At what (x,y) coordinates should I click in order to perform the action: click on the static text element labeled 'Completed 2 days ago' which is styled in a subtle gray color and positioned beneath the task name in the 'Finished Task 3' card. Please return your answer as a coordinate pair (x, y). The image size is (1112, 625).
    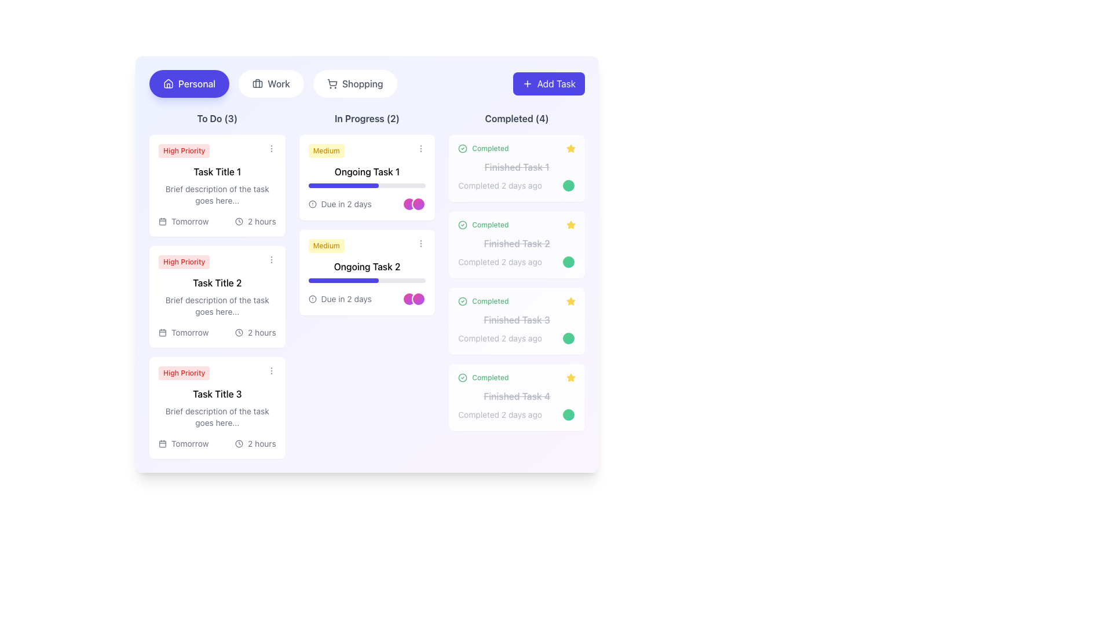
    Looking at the image, I should click on (516, 339).